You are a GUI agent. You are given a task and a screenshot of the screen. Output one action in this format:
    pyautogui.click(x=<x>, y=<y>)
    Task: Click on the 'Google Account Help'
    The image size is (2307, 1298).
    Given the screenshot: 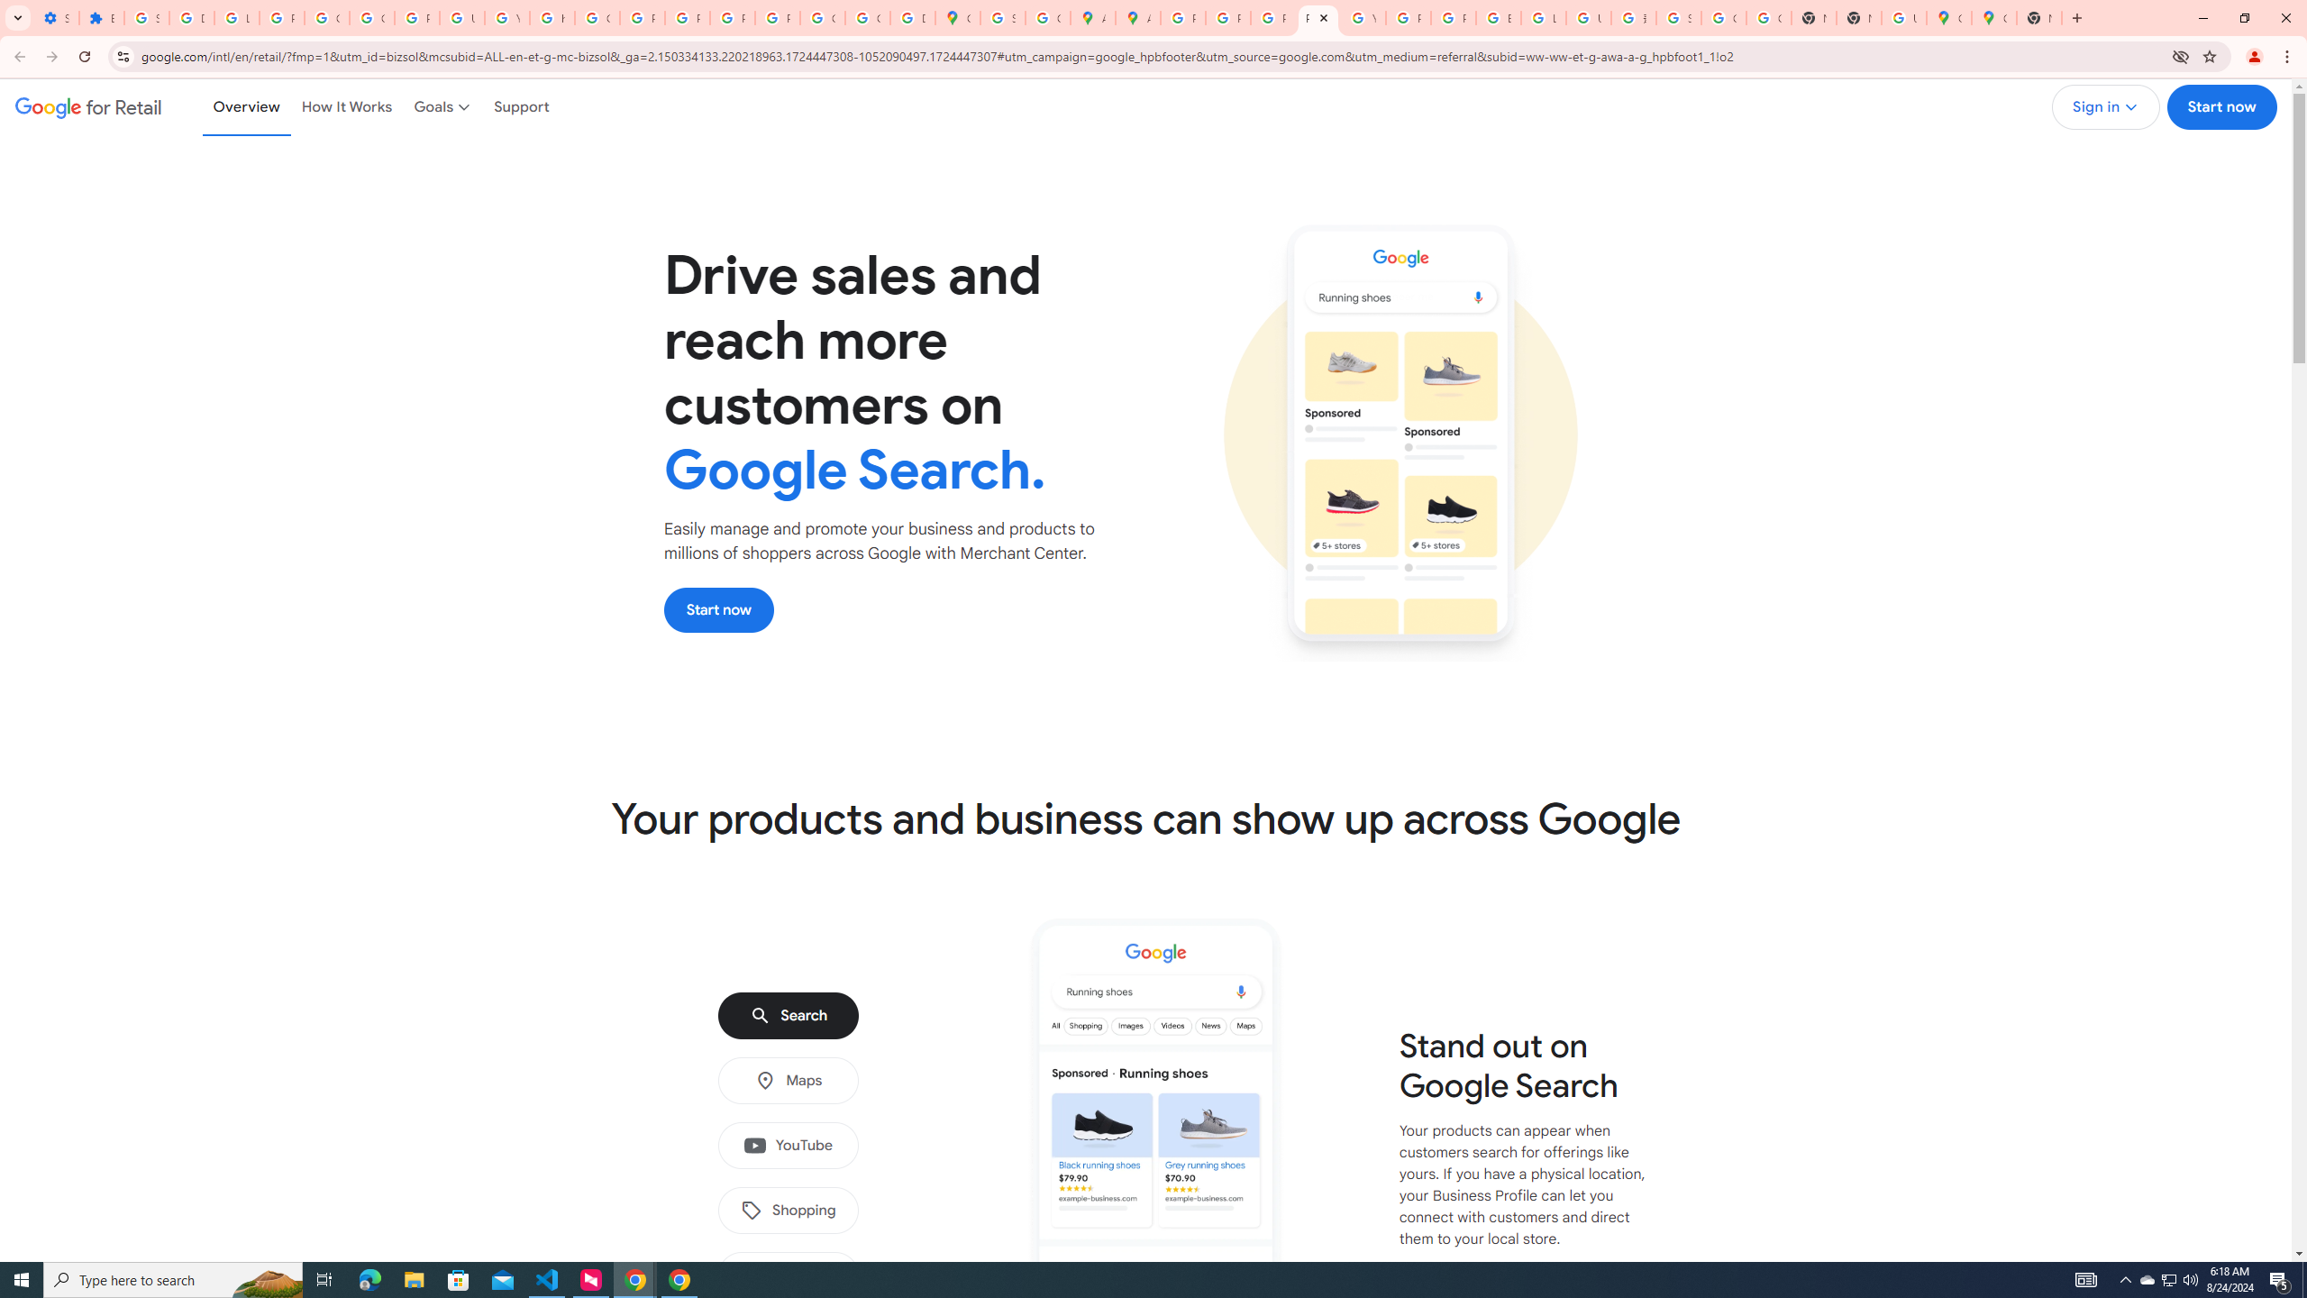 What is the action you would take?
    pyautogui.click(x=326, y=17)
    